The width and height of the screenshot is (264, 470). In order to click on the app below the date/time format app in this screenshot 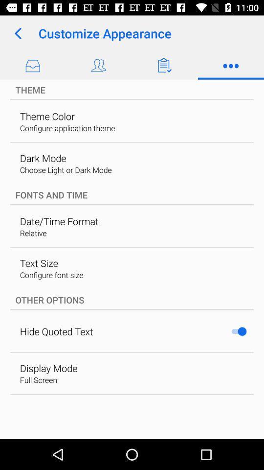, I will do `click(33, 233)`.